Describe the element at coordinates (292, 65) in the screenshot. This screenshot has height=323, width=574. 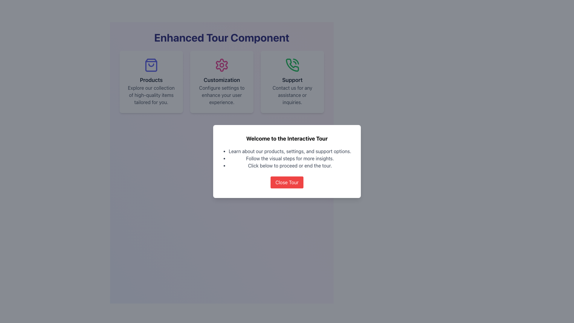
I see `the Phone icon within the Support card, which represents the customer support feature` at that location.